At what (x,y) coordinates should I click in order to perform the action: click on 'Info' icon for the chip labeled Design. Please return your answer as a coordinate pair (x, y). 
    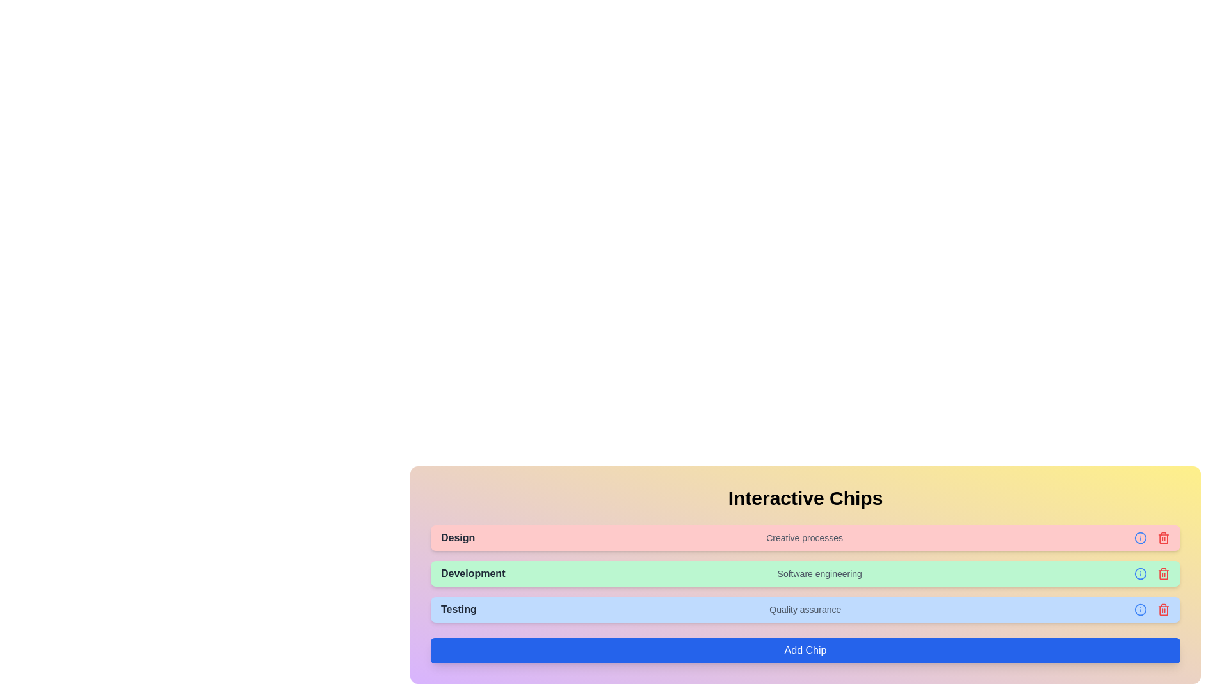
    Looking at the image, I should click on (1140, 537).